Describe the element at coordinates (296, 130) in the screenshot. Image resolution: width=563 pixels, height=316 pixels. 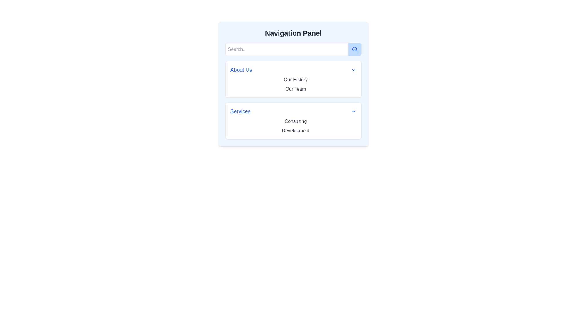
I see `the Interactive navigation link located in the Services section` at that location.